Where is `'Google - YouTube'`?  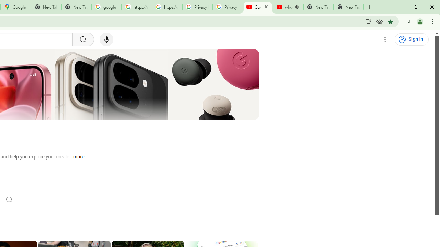 'Google - YouTube' is located at coordinates (257, 7).